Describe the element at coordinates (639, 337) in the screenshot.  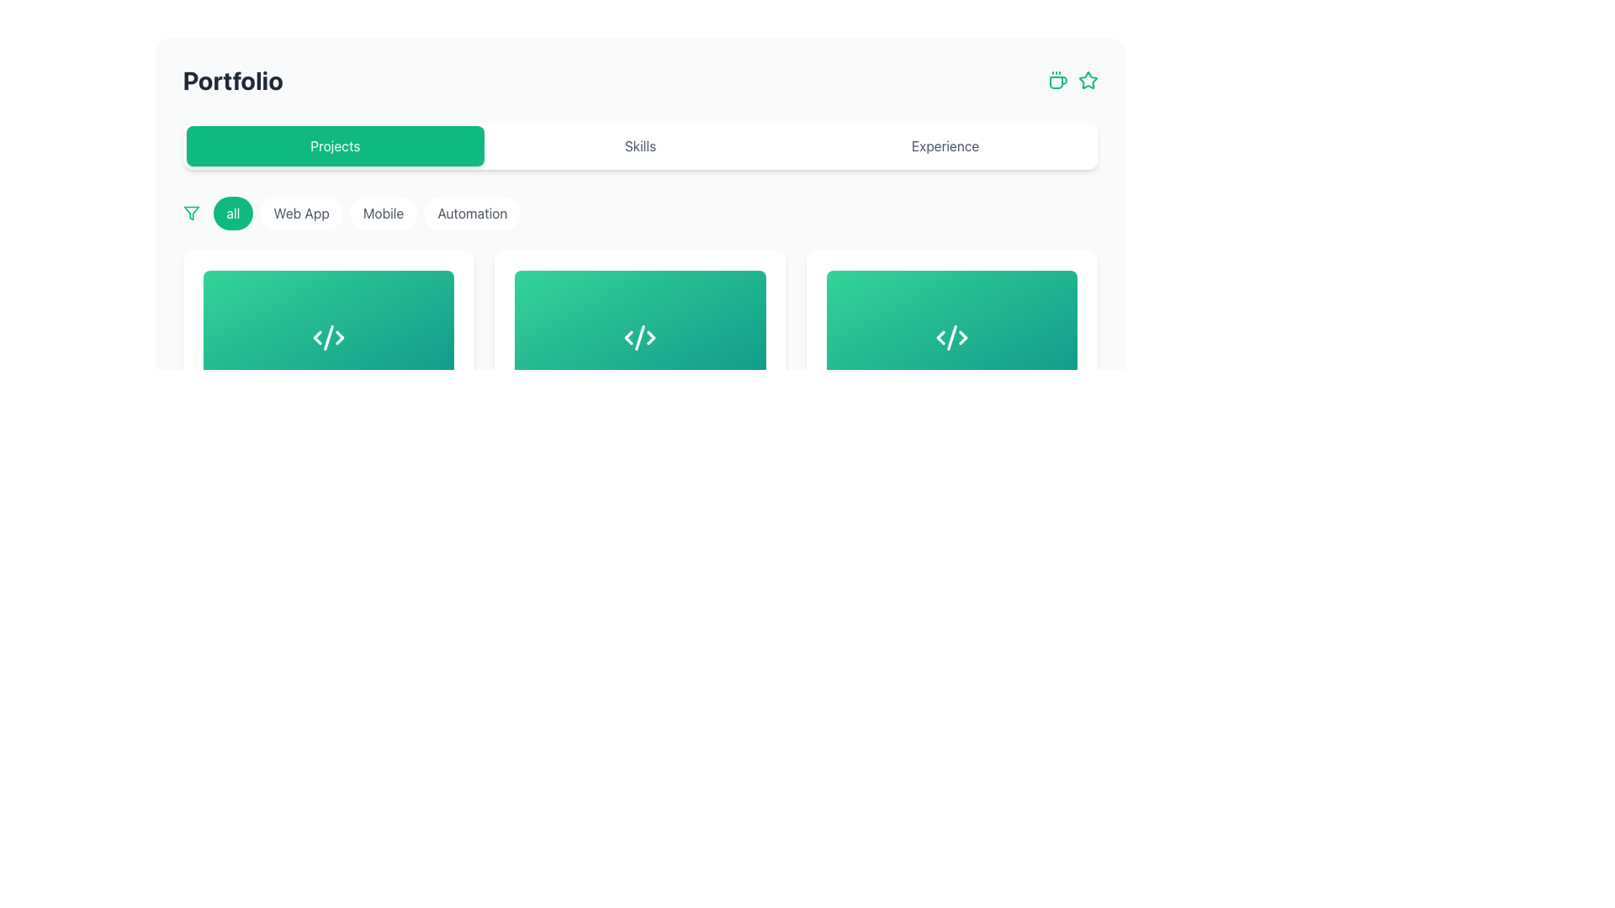
I see `the coding-related project icon, which is centered within a card layout in the second column of a row of cards` at that location.